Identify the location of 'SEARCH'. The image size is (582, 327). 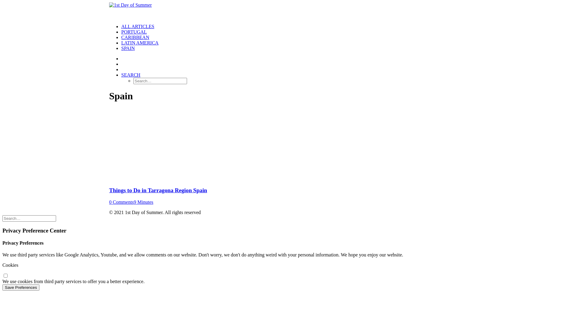
(130, 74).